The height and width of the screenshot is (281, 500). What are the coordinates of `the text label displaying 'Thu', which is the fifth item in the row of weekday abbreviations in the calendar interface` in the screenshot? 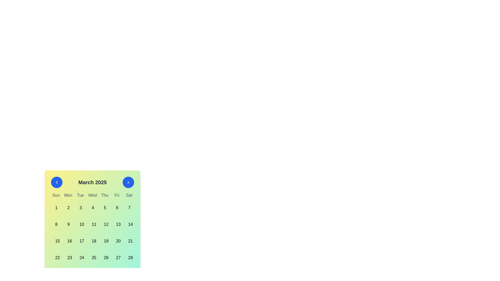 It's located at (104, 195).